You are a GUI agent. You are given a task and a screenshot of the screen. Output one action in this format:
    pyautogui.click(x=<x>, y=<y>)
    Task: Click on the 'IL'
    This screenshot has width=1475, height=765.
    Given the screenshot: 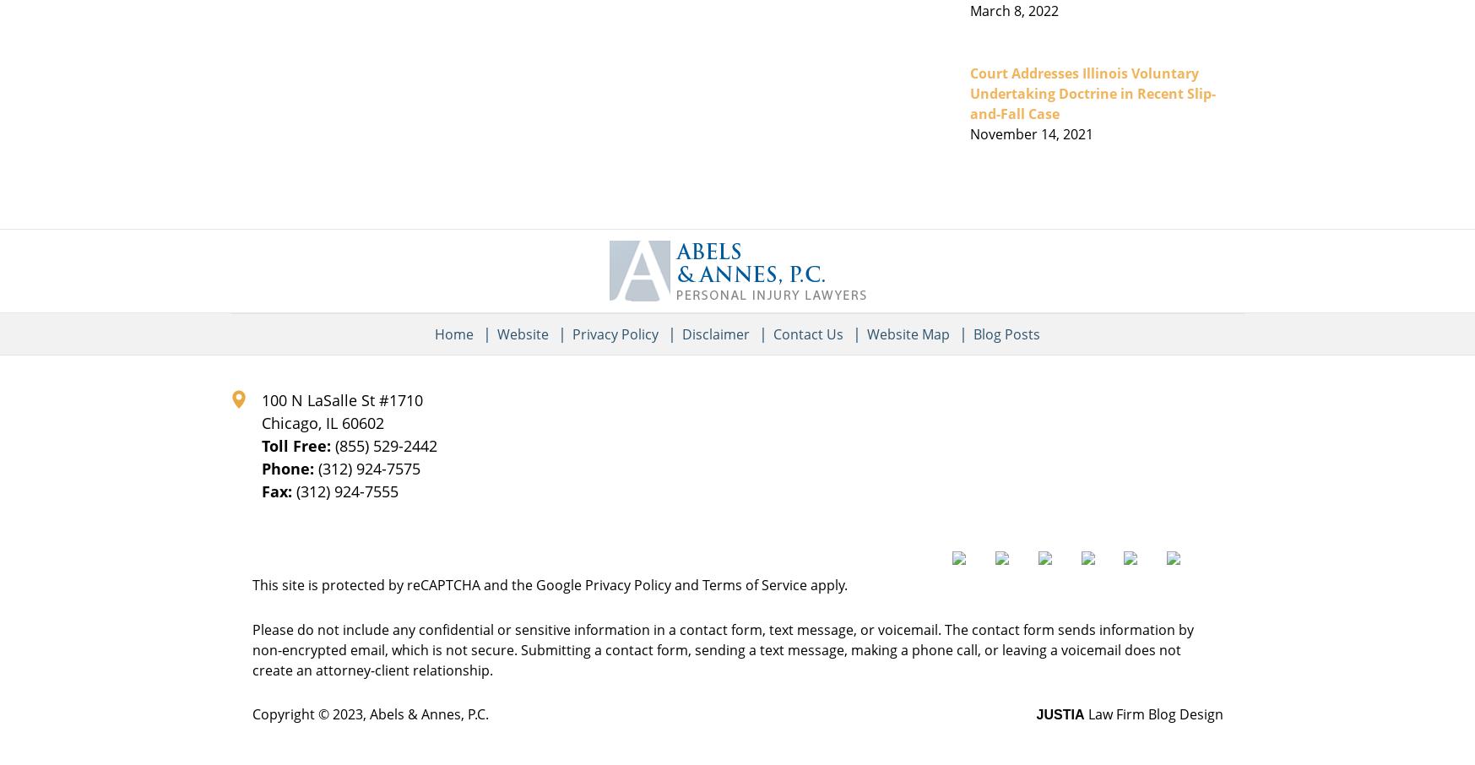 What is the action you would take?
    pyautogui.click(x=330, y=422)
    